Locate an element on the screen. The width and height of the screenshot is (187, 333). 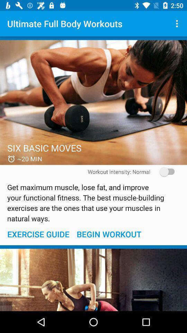
icon below the get maximum muscle item is located at coordinates (38, 234).